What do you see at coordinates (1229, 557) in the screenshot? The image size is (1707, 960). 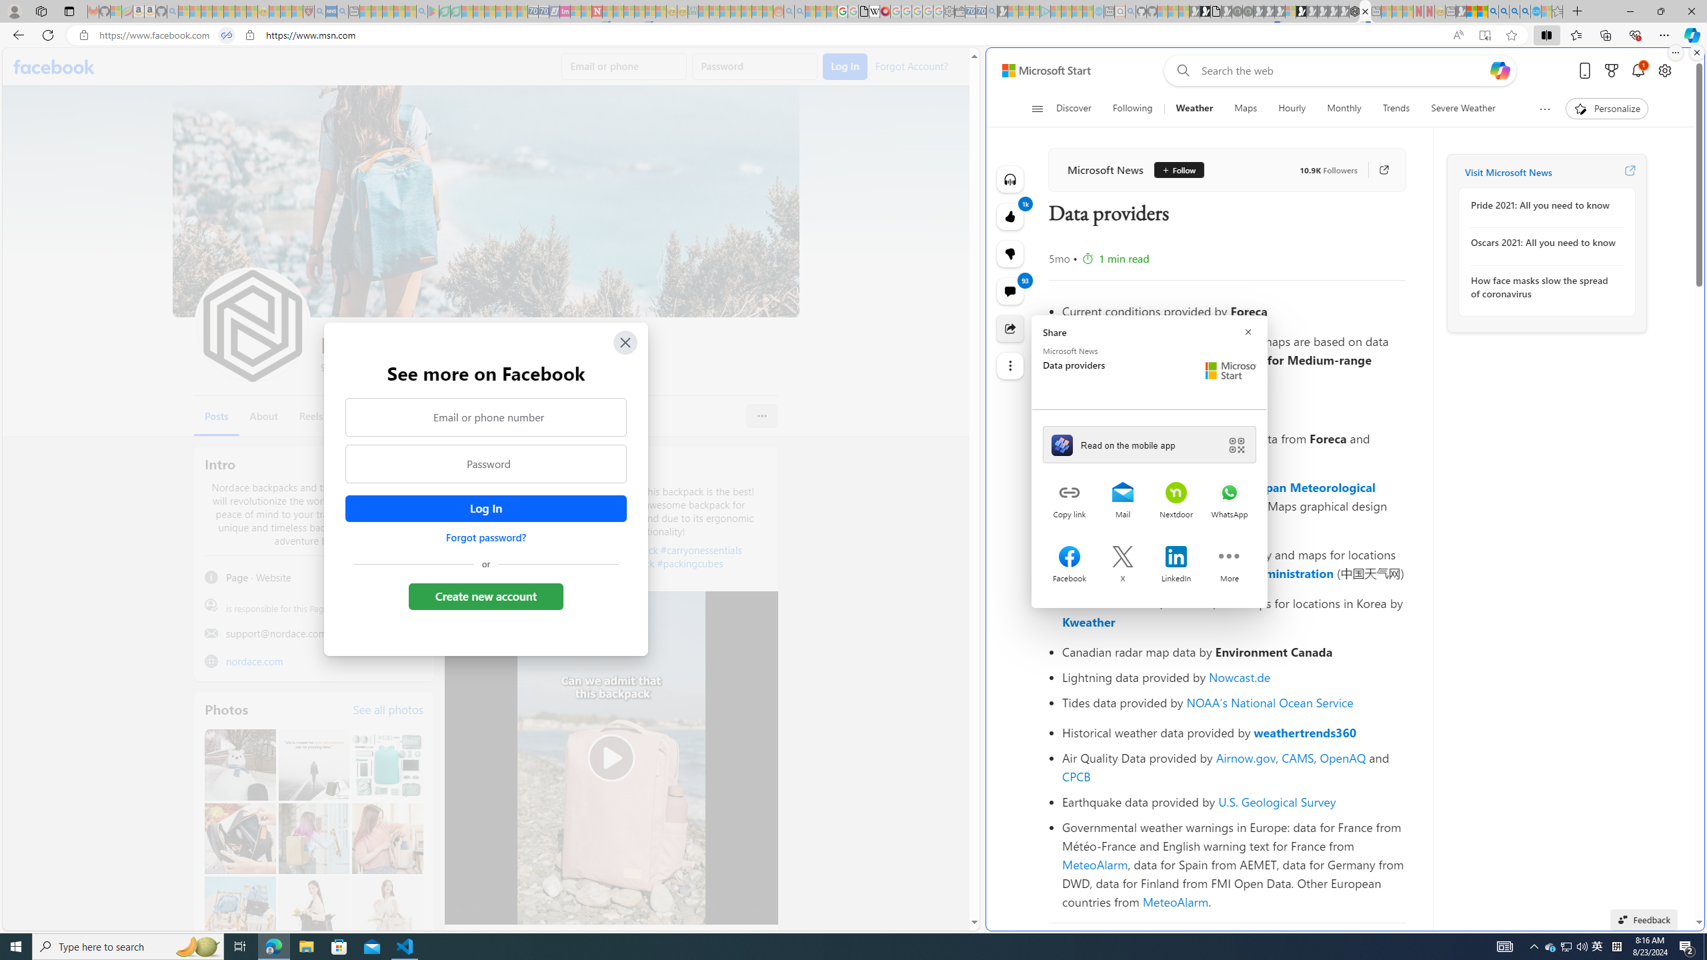 I see `'More share options'` at bounding box center [1229, 557].